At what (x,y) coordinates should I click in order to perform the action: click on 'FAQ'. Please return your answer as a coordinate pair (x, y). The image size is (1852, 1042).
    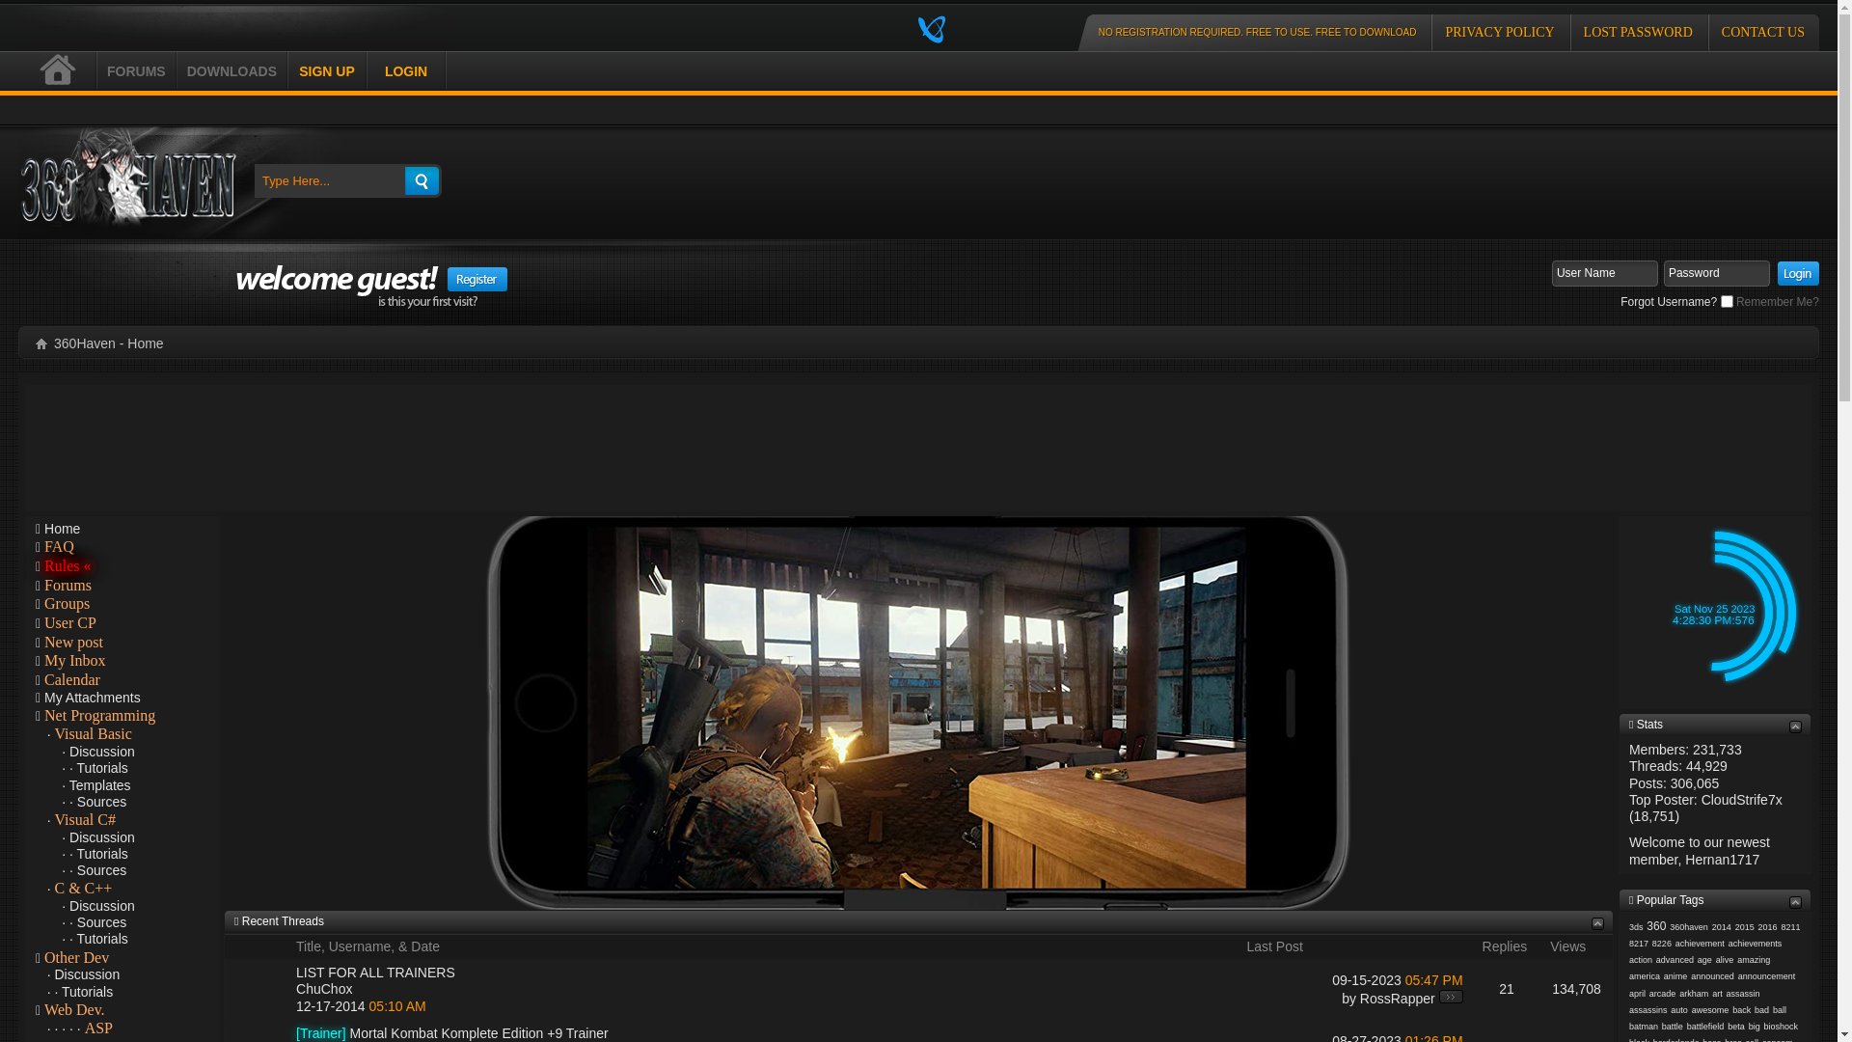
    Looking at the image, I should click on (59, 547).